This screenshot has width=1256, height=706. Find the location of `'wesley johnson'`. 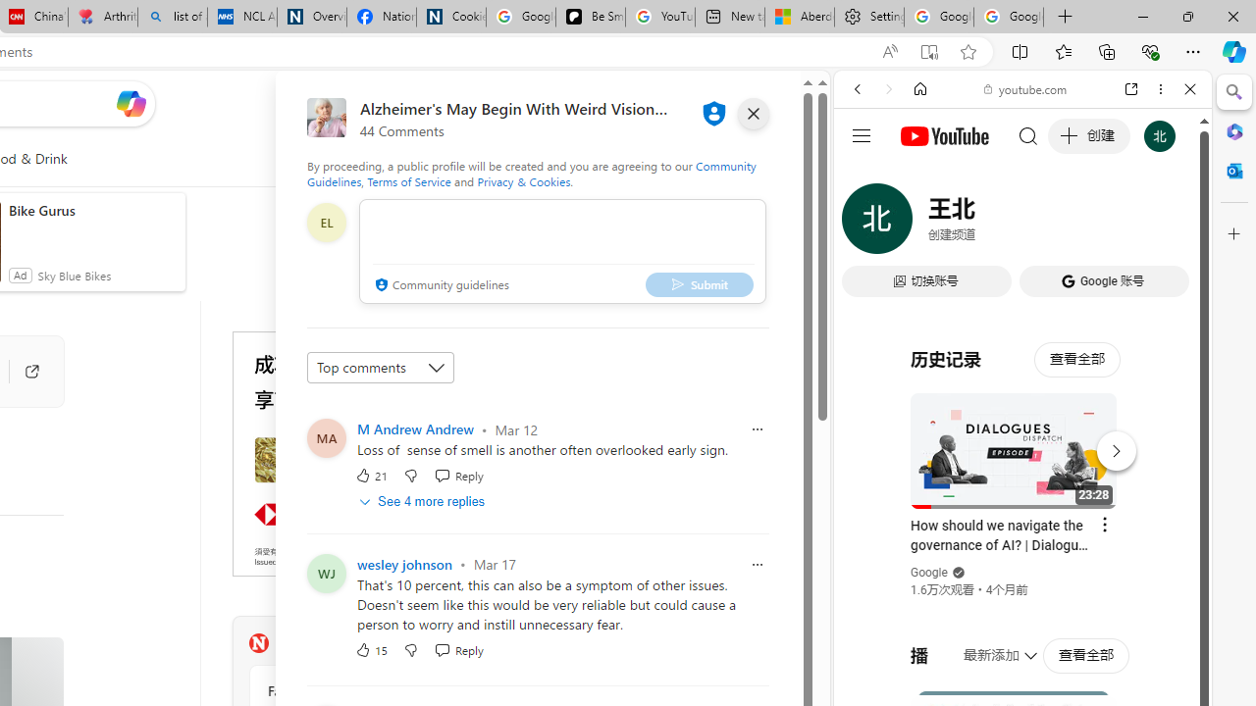

'wesley johnson' is located at coordinates (403, 564).